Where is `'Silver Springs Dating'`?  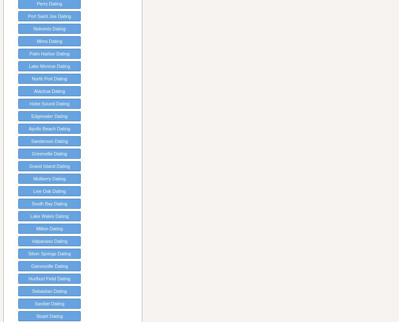
'Silver Springs Dating' is located at coordinates (49, 253).